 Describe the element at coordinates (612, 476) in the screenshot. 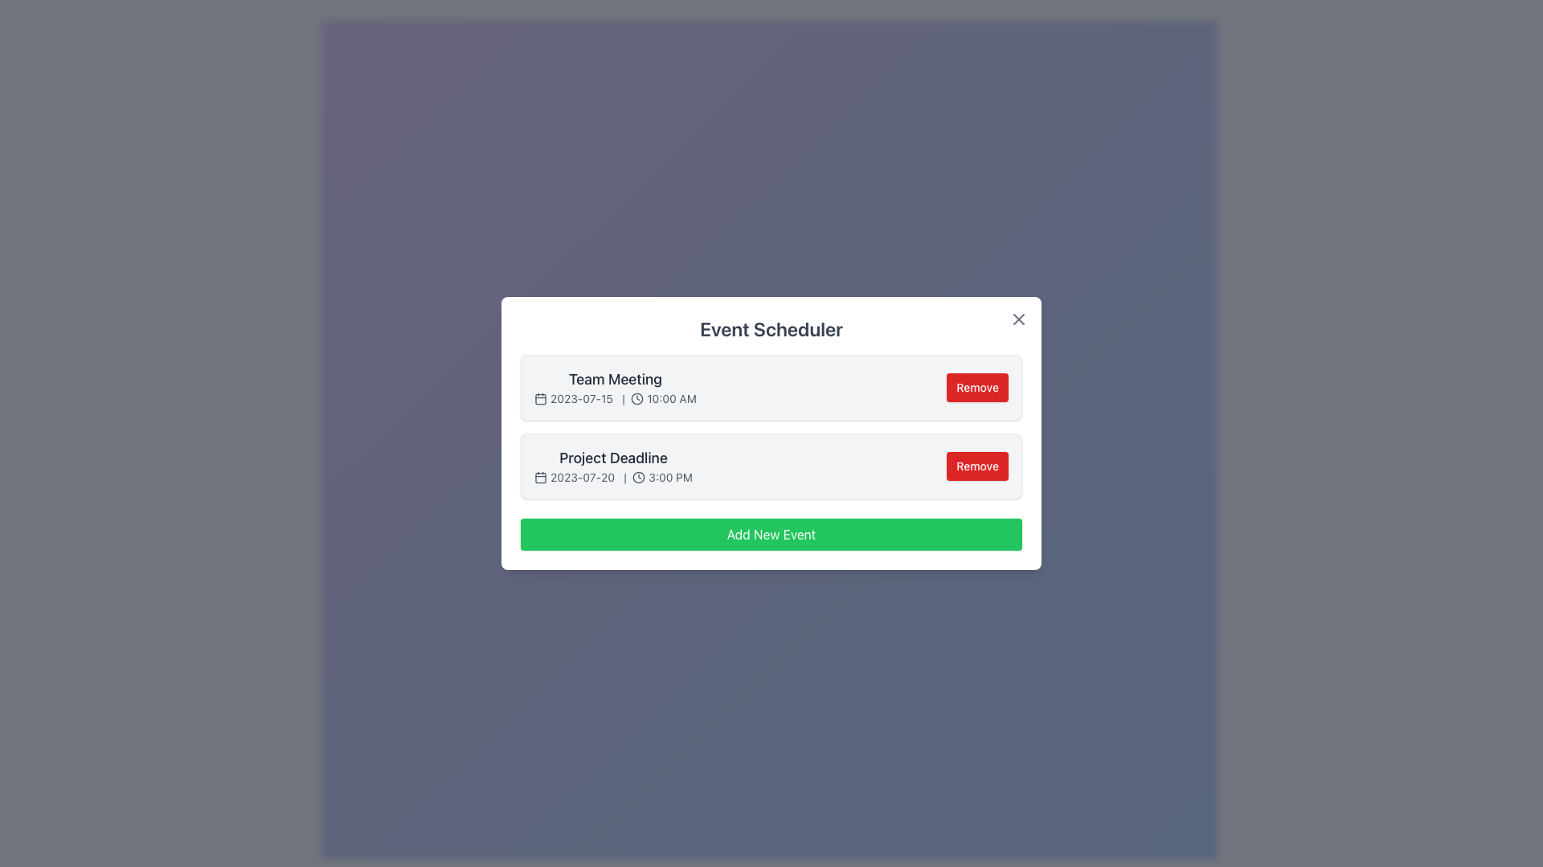

I see `the date and time display element in the 'Event Scheduler' panel, which includes a calendar and clock icon, formatted as '2023-07-20 | 3:00 PM'` at that location.